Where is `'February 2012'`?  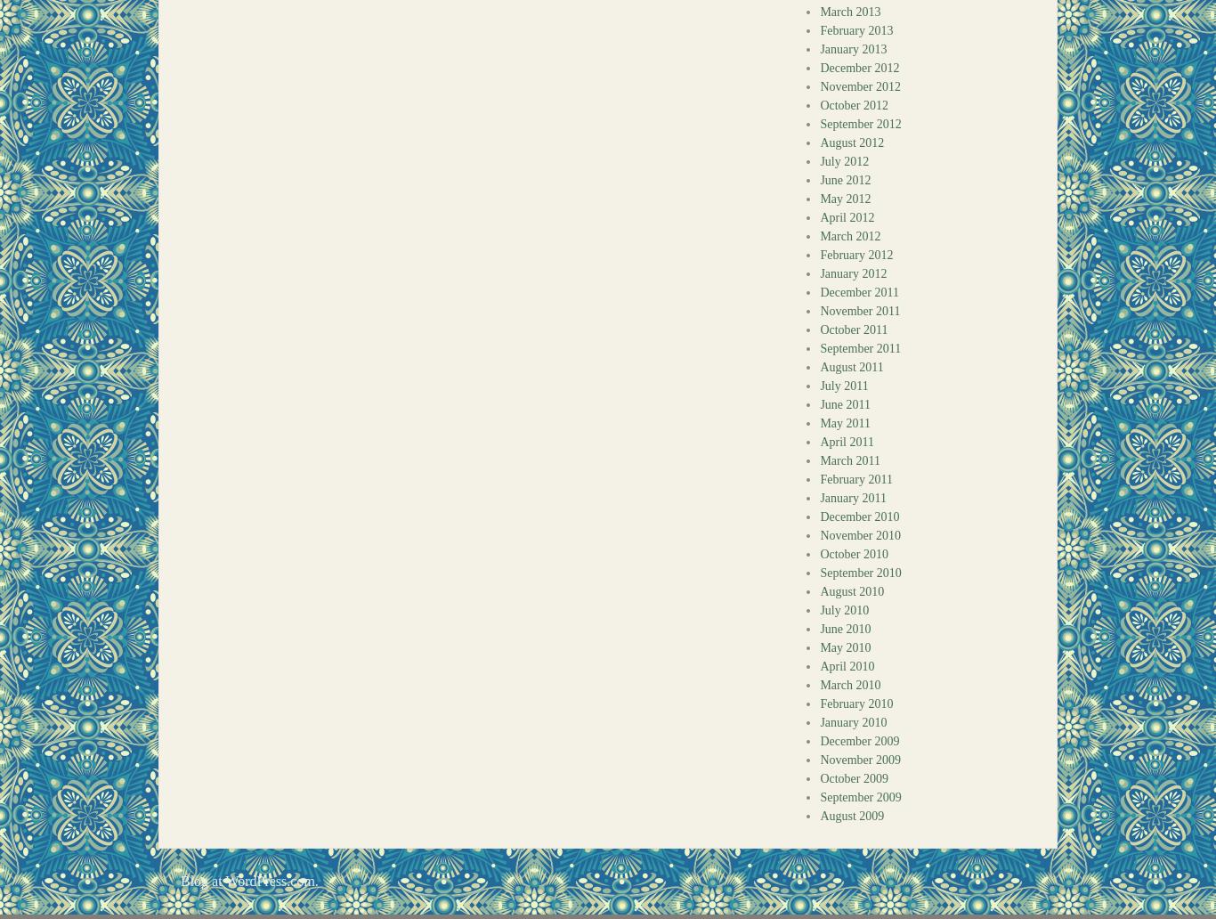 'February 2012' is located at coordinates (819, 255).